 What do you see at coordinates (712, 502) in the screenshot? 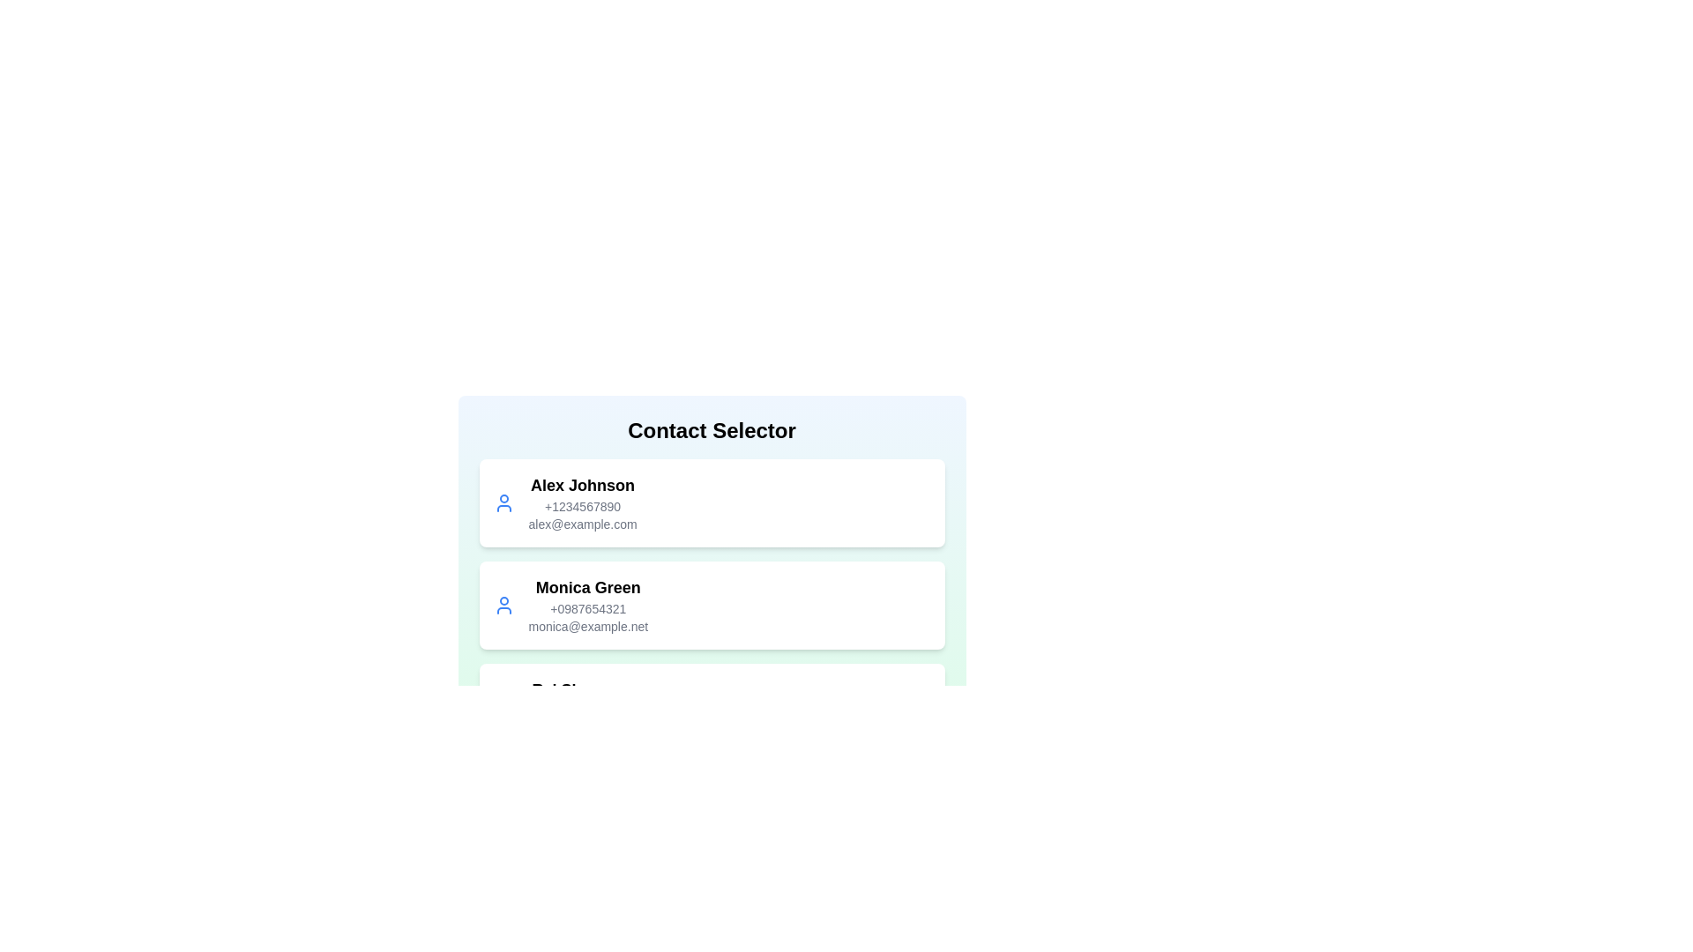
I see `the contact Alex Johnson from the list` at bounding box center [712, 502].